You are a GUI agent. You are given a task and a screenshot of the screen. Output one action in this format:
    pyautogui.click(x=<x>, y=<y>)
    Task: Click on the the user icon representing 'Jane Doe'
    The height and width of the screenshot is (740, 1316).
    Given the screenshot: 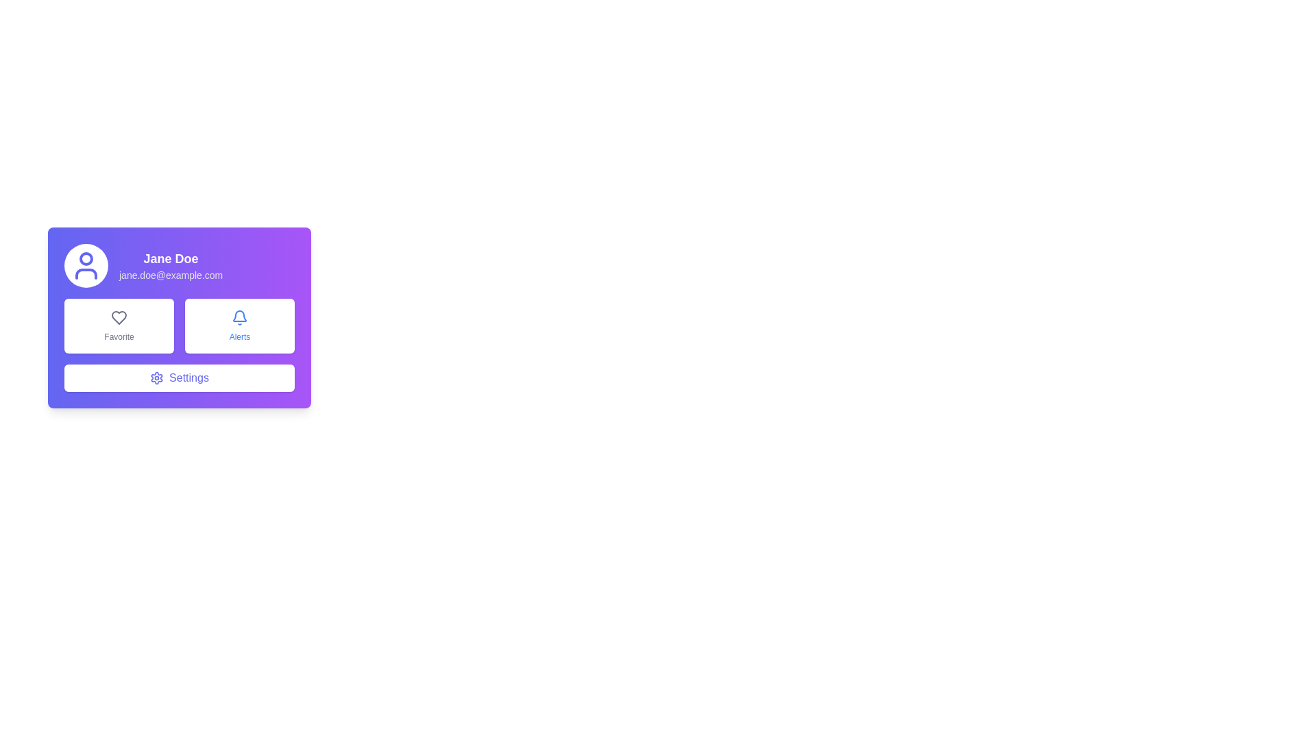 What is the action you would take?
    pyautogui.click(x=85, y=266)
    